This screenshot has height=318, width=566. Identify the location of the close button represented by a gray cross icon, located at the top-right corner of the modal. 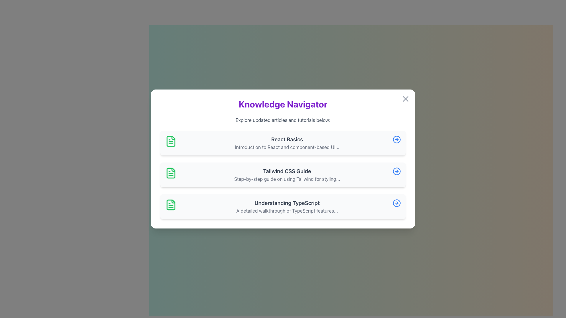
(405, 98).